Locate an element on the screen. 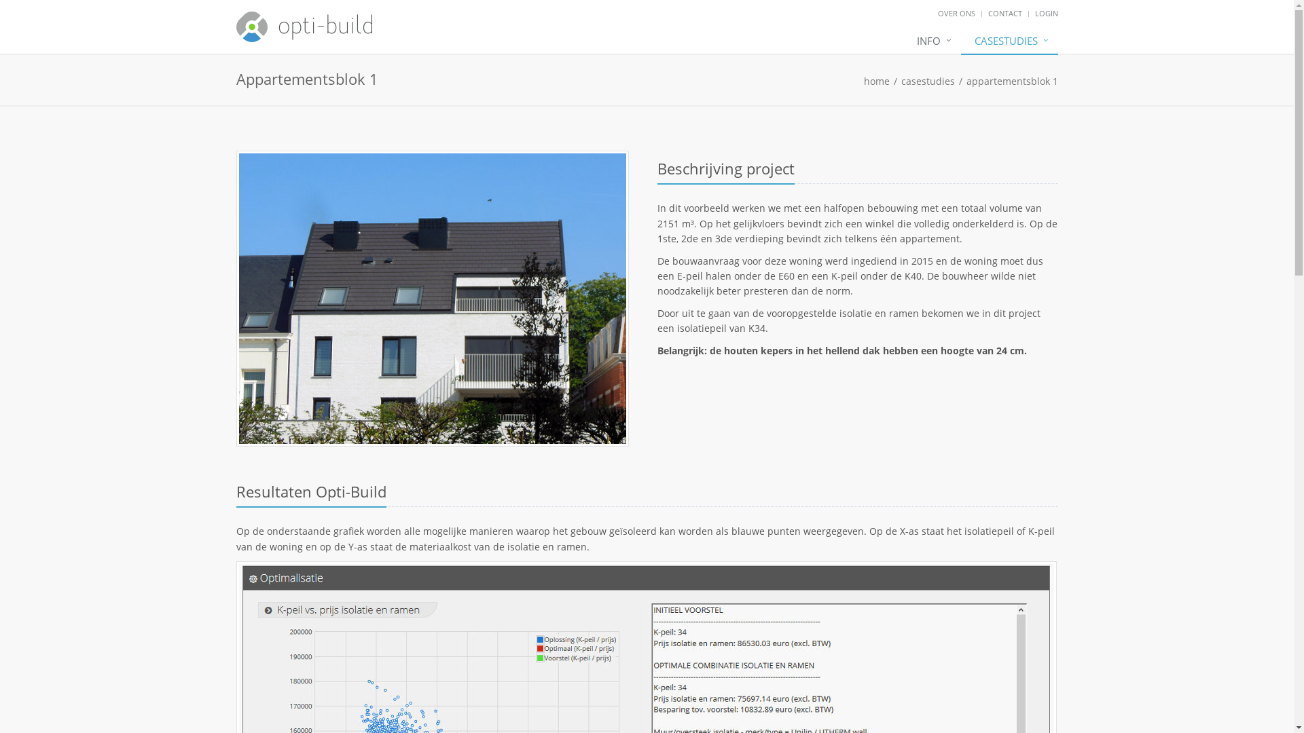 This screenshot has height=733, width=1304. 'LOGIN' is located at coordinates (1034, 13).